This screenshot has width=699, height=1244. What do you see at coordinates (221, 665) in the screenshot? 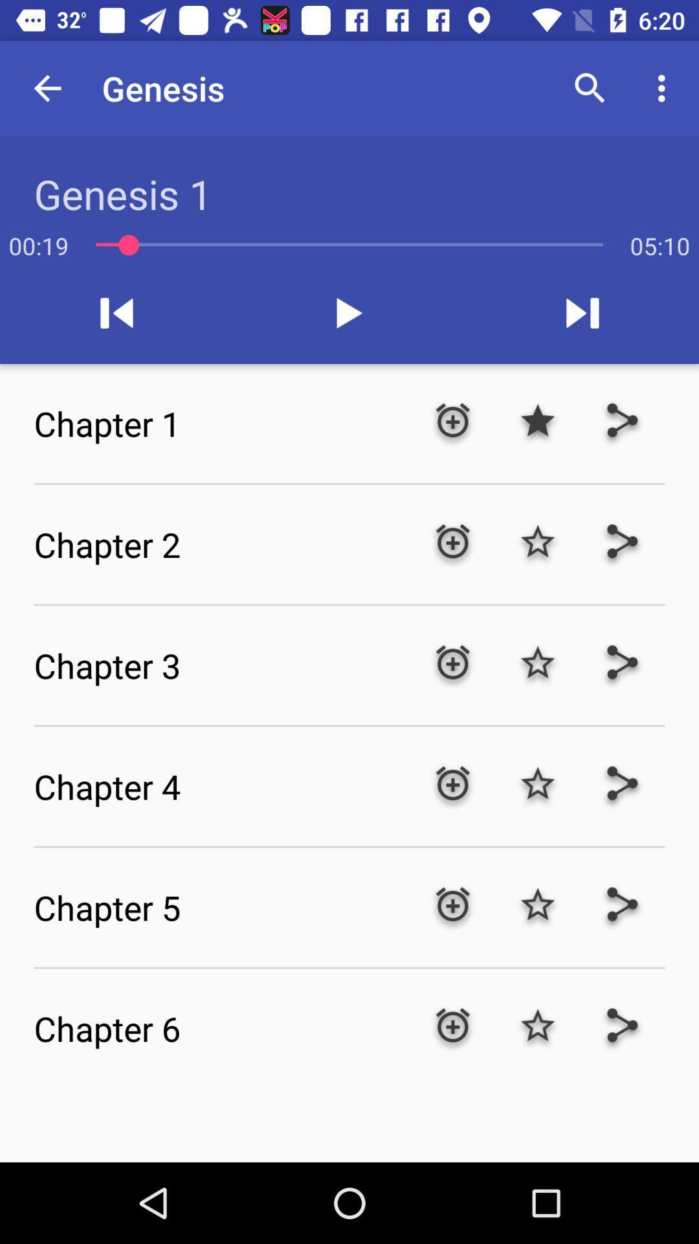
I see `the chapter 3 item` at bounding box center [221, 665].